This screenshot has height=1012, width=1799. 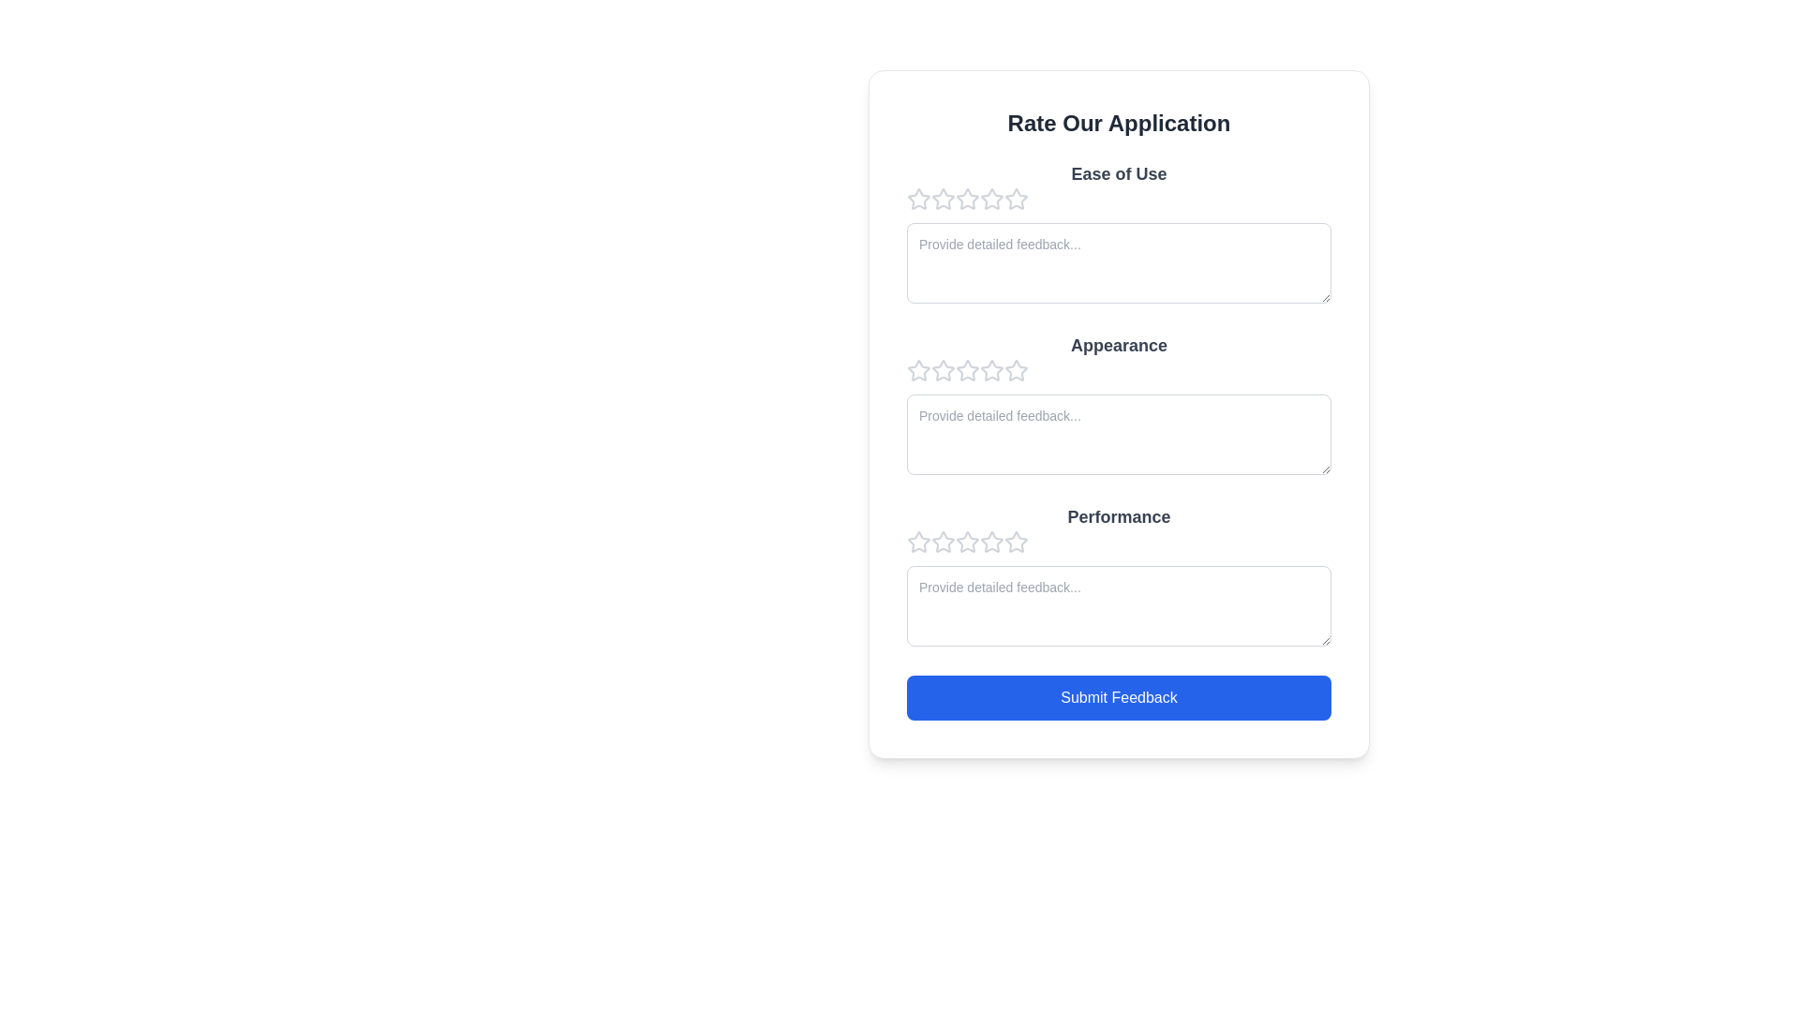 What do you see at coordinates (1119, 516) in the screenshot?
I see `the 'Performance' text label, which is the third label in a vertical list, positioned above the rating stars and feedback input box` at bounding box center [1119, 516].